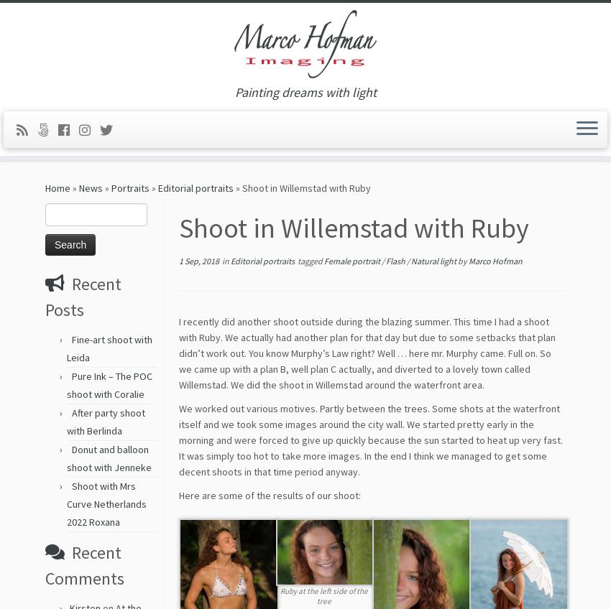 This screenshot has height=609, width=611. Describe the element at coordinates (463, 265) in the screenshot. I see `'by'` at that location.